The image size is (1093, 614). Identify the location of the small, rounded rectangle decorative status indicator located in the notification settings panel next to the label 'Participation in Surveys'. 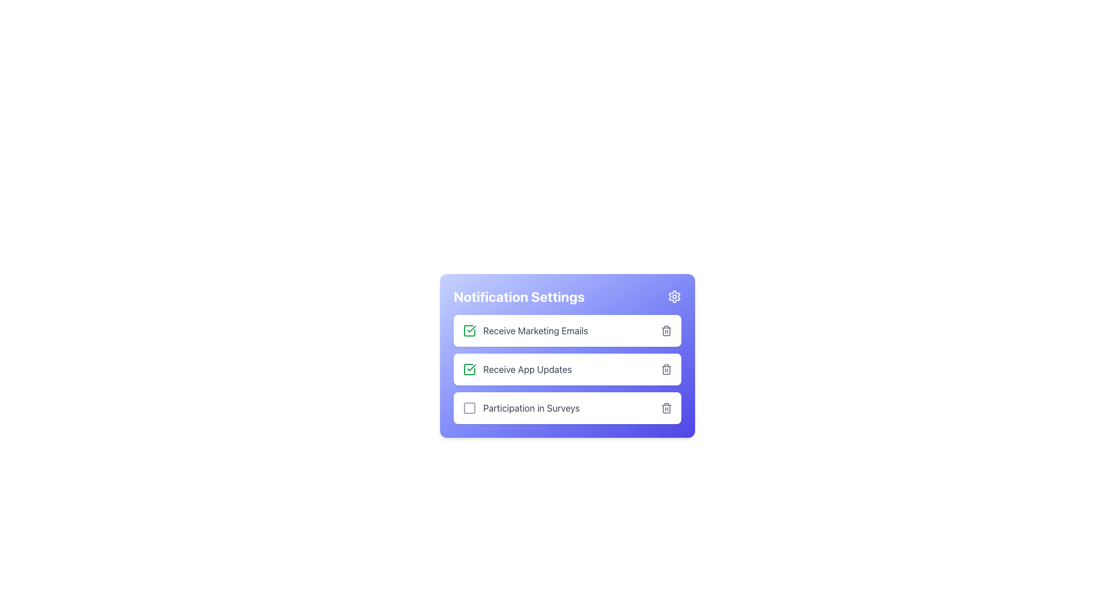
(470, 407).